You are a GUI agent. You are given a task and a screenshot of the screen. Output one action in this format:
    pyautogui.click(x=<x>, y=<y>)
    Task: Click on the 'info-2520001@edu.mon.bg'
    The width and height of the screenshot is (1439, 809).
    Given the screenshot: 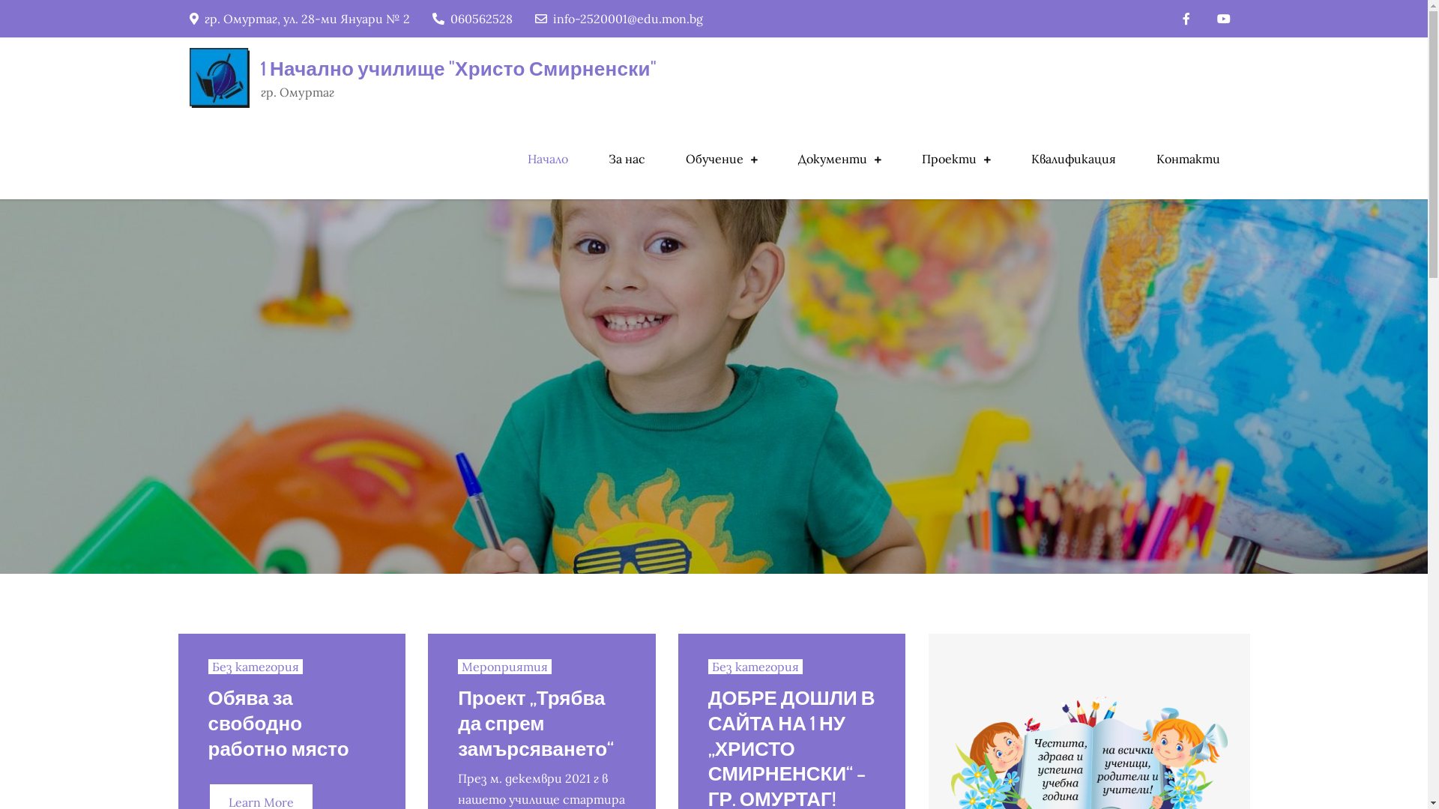 What is the action you would take?
    pyautogui.click(x=618, y=18)
    